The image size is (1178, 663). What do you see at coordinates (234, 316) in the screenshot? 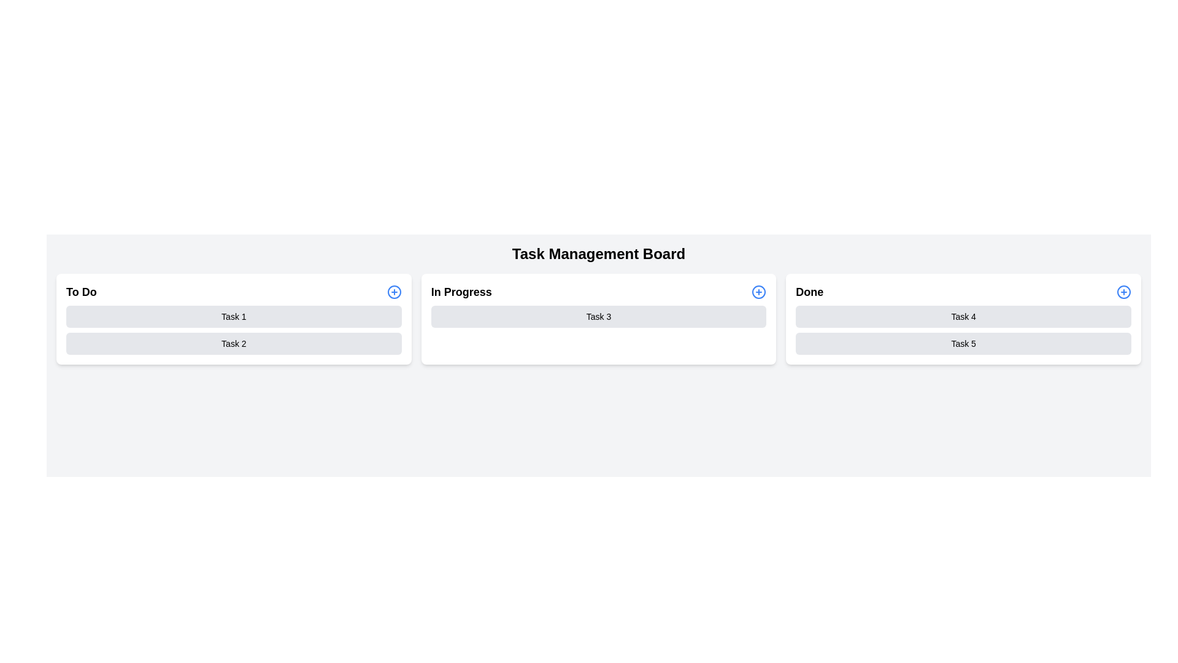
I see `the task labeled 'Task 1'` at bounding box center [234, 316].